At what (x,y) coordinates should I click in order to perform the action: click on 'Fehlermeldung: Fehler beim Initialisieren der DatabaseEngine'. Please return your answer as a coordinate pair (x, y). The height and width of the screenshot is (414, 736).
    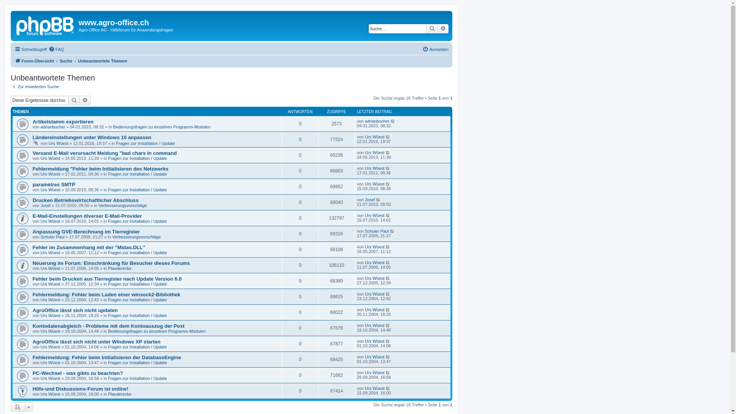
    Looking at the image, I should click on (106, 357).